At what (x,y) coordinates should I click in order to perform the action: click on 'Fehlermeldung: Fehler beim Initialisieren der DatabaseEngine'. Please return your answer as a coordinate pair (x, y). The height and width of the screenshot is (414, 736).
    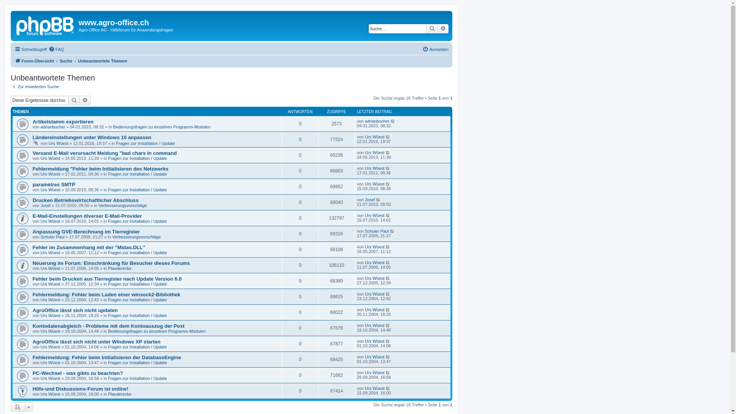
    Looking at the image, I should click on (106, 357).